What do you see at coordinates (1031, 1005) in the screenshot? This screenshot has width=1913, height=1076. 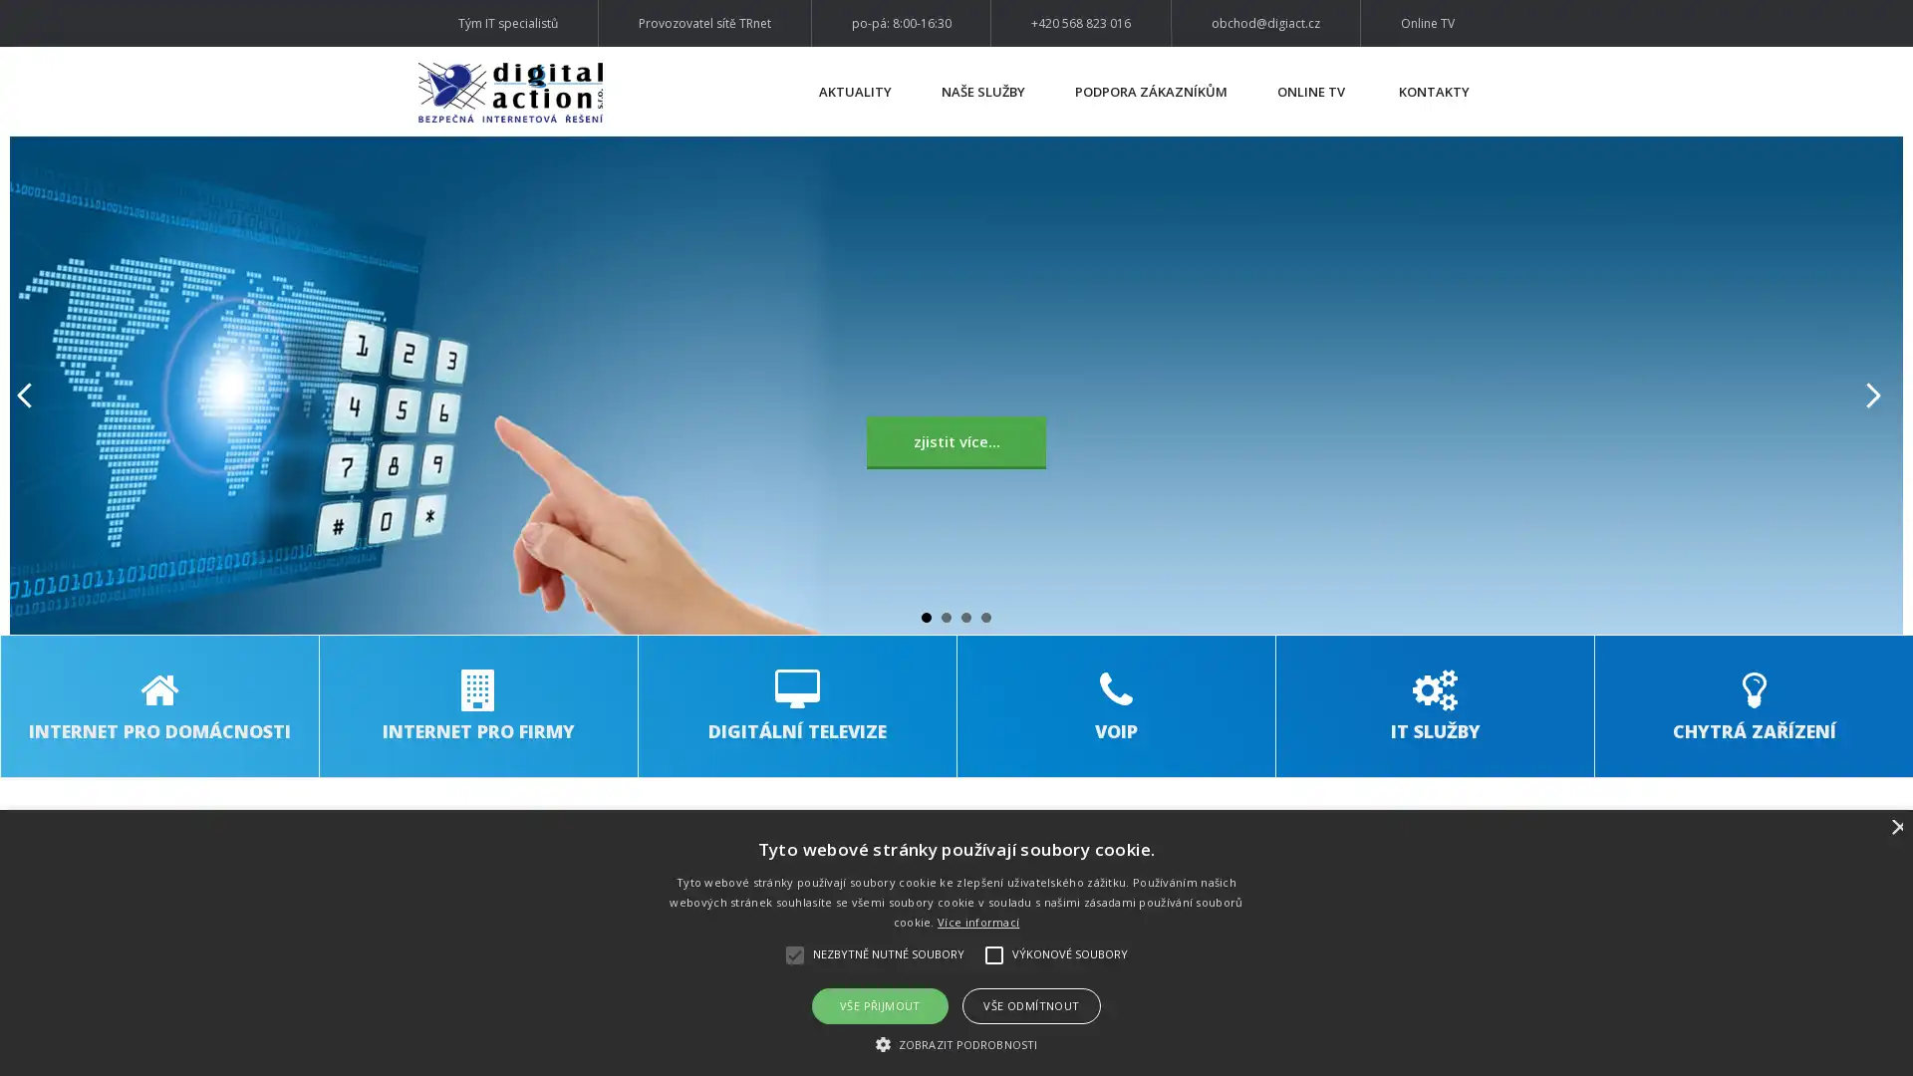 I see `VSE ODMITNOUT` at bounding box center [1031, 1005].